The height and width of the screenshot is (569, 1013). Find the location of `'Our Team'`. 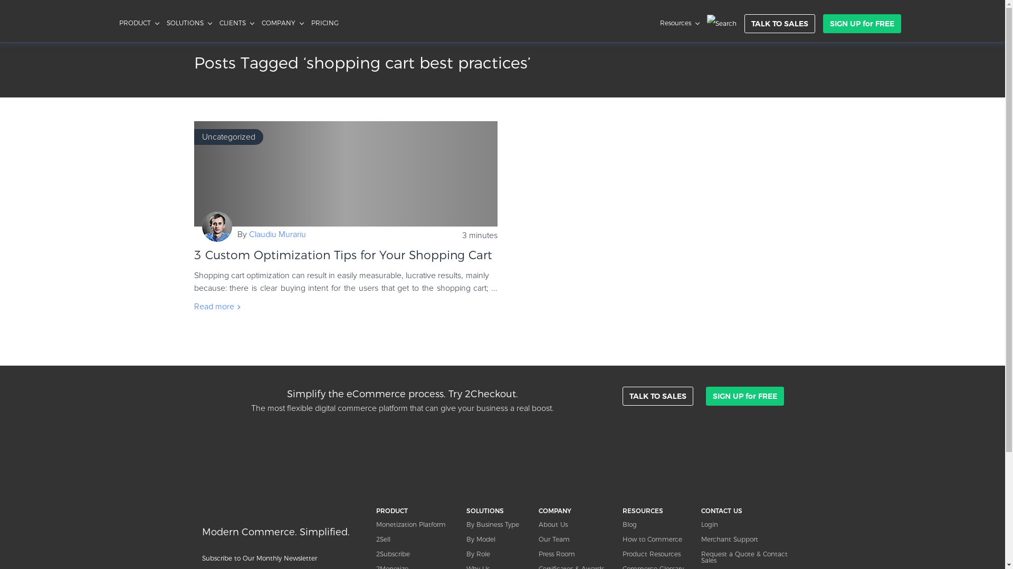

'Our Team' is located at coordinates (574, 539).